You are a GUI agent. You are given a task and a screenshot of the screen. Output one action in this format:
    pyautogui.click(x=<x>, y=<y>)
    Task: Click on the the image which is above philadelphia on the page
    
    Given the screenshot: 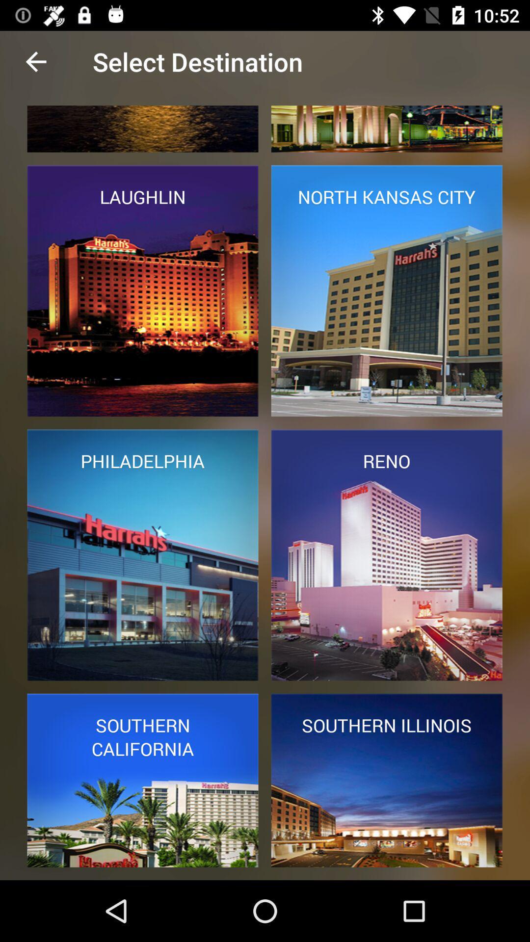 What is the action you would take?
    pyautogui.click(x=143, y=290)
    